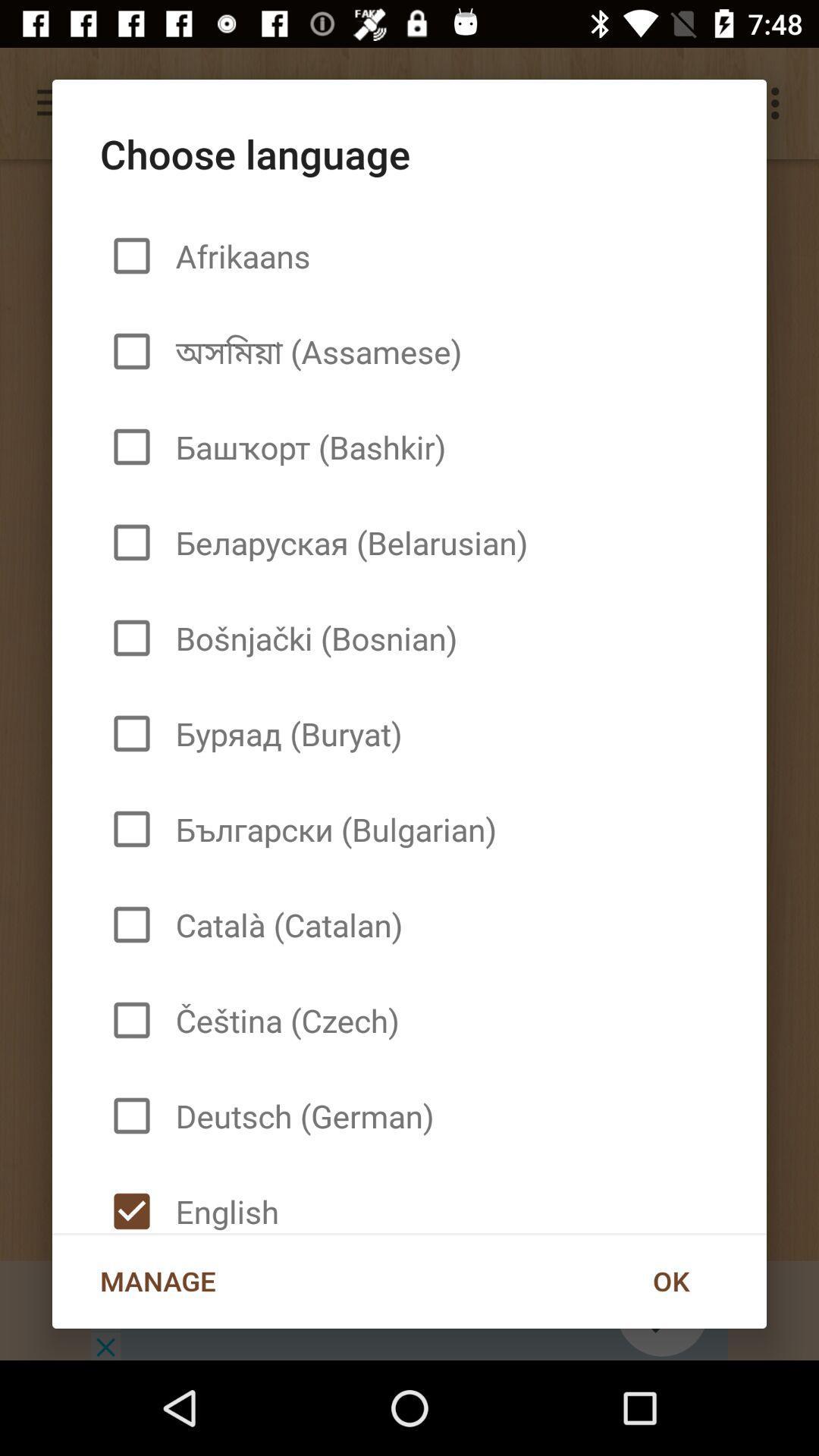 The image size is (819, 1456). What do you see at coordinates (670, 1280) in the screenshot?
I see `item below choose language icon` at bounding box center [670, 1280].